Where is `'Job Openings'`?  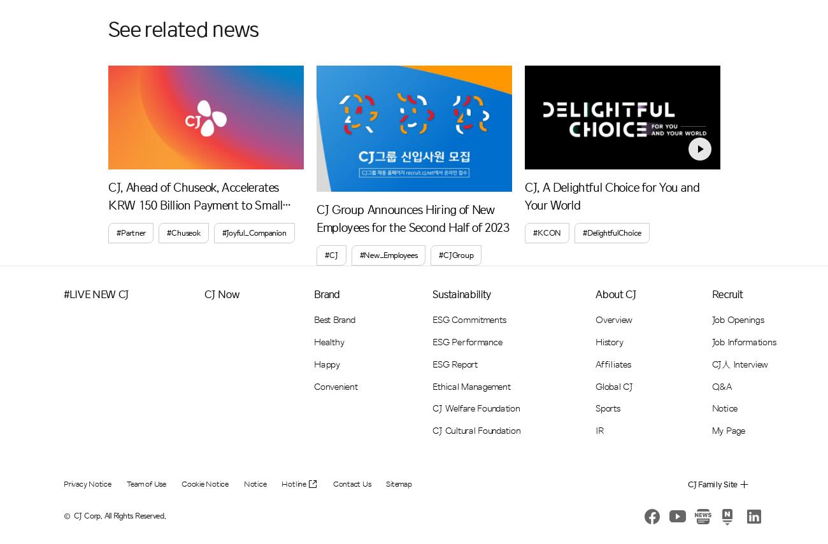 'Job Openings' is located at coordinates (738, 319).